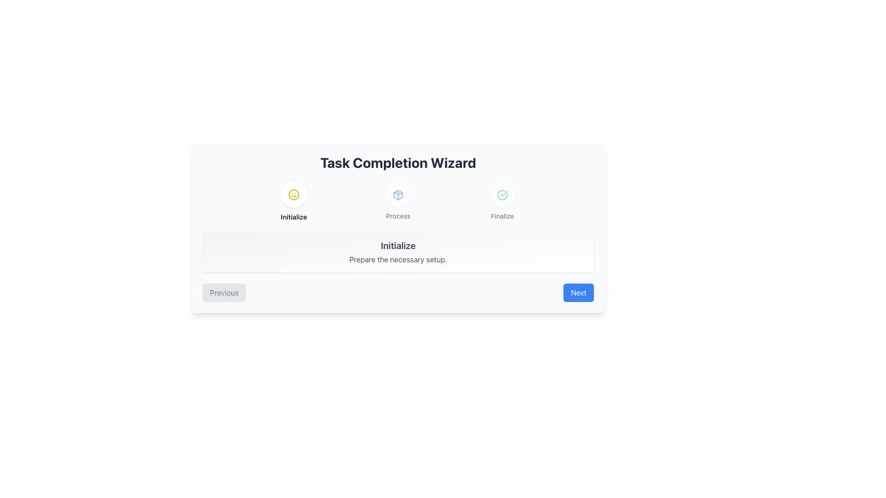 This screenshot has width=886, height=498. Describe the element at coordinates (398, 201) in the screenshot. I see `the 'Process' step indicator` at that location.